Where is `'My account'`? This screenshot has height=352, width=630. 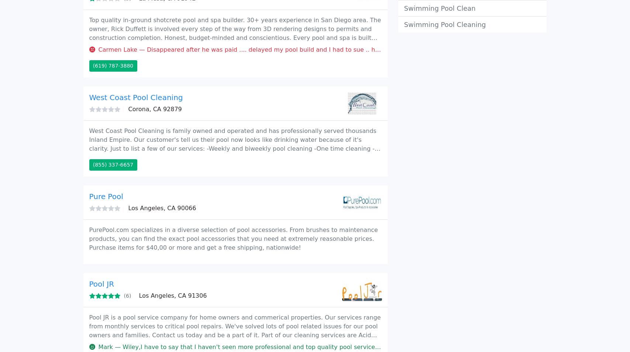
'My account' is located at coordinates (417, 11).